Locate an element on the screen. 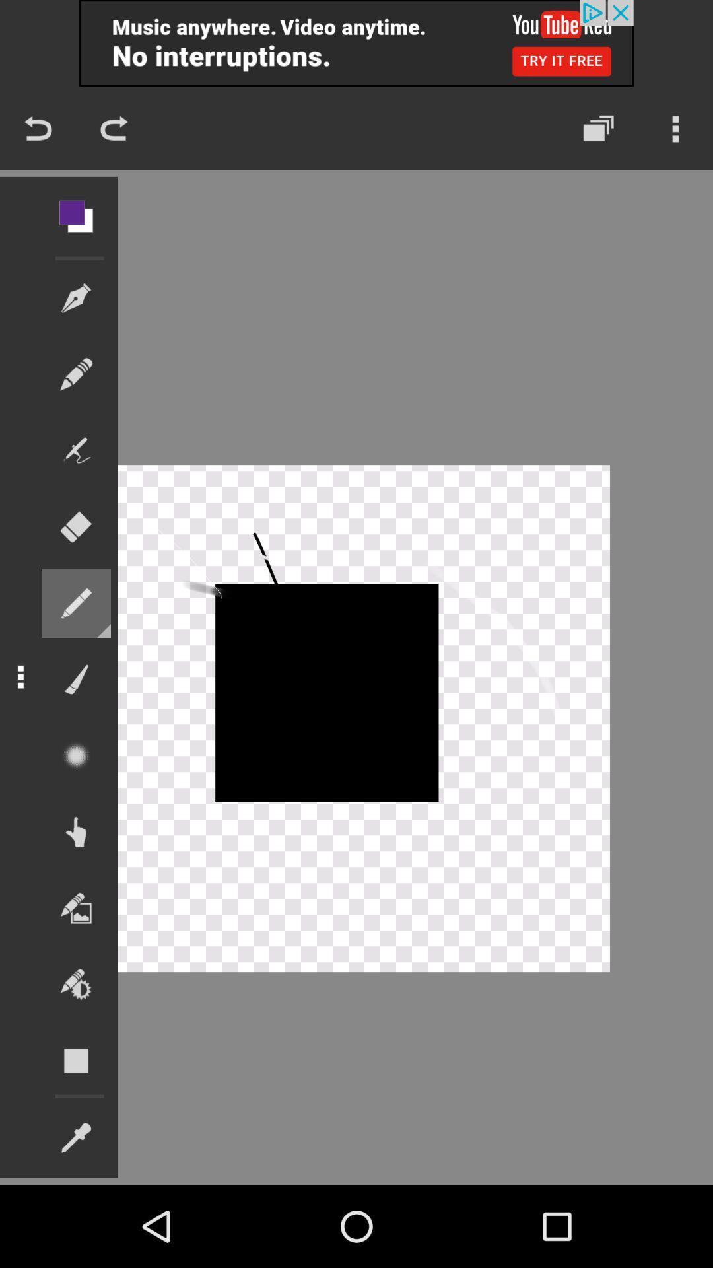 This screenshot has width=713, height=1268. the more icon is located at coordinates (675, 128).